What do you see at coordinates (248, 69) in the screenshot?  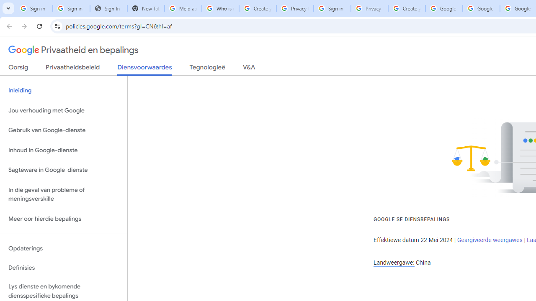 I see `'V&A'` at bounding box center [248, 69].